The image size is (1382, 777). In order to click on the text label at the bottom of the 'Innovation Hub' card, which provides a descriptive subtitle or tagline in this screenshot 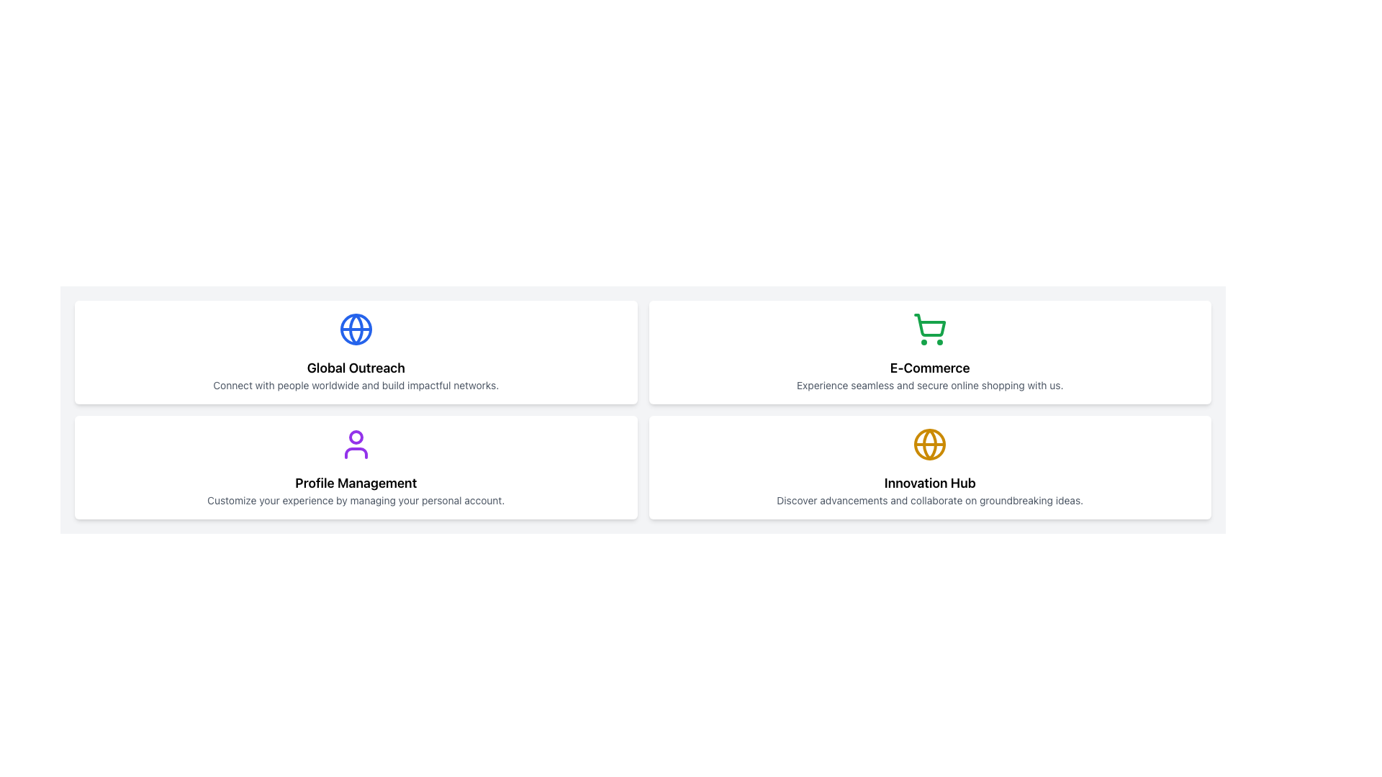, I will do `click(930, 499)`.